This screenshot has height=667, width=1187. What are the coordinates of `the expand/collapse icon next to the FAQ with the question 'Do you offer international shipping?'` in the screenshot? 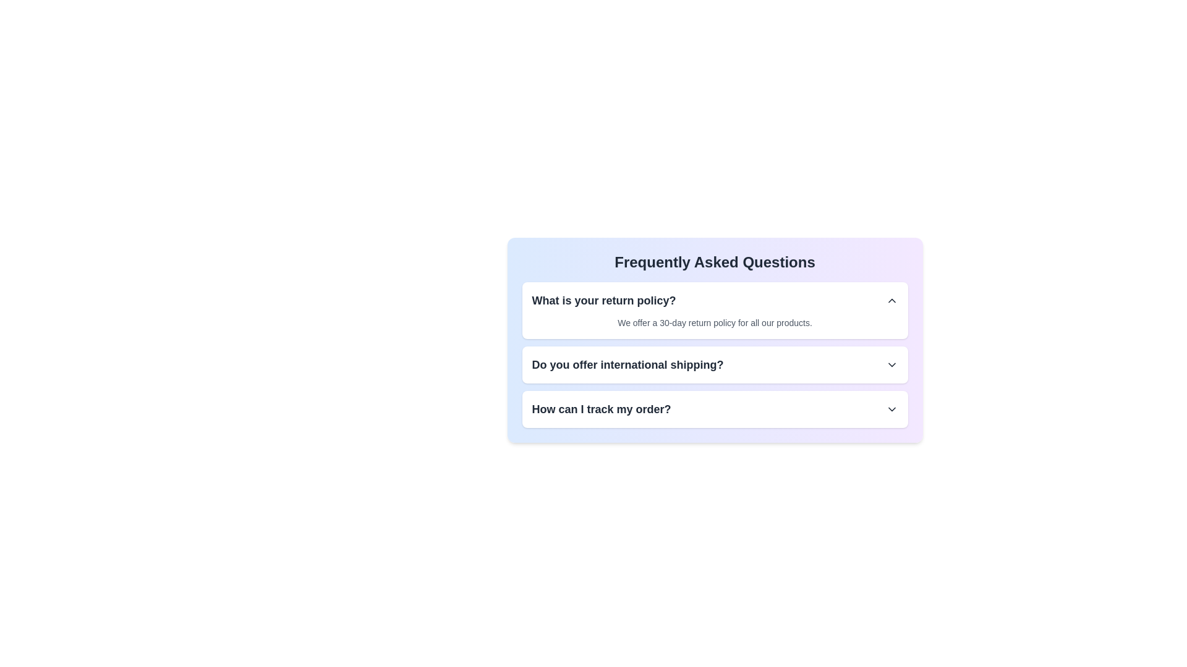 It's located at (891, 364).